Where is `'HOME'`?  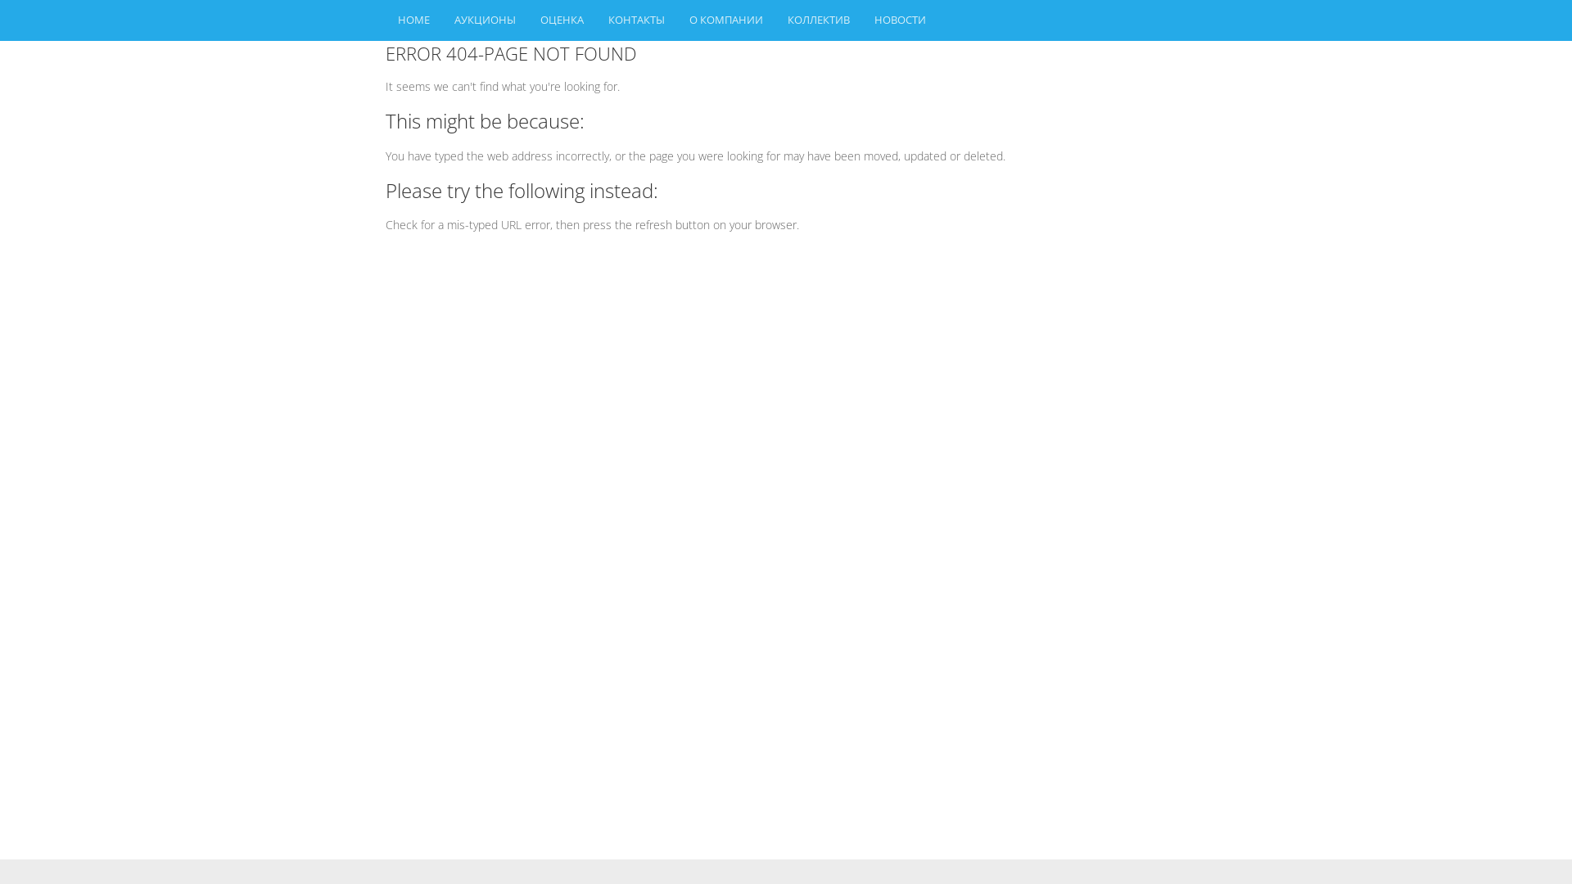
'HOME' is located at coordinates (413, 20).